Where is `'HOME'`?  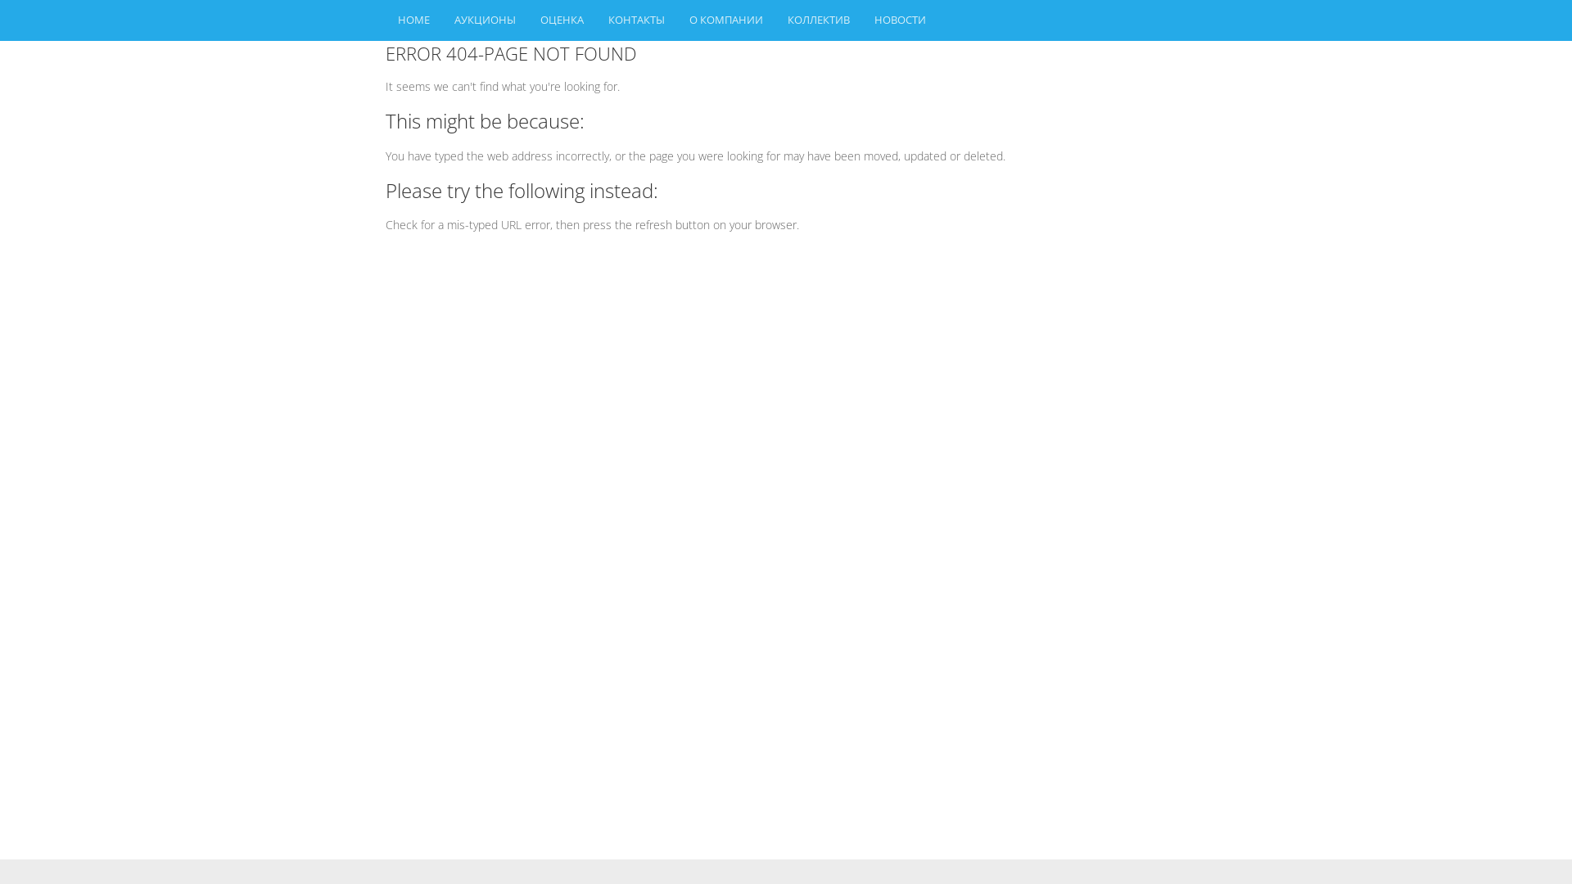
'HOME' is located at coordinates (413, 20).